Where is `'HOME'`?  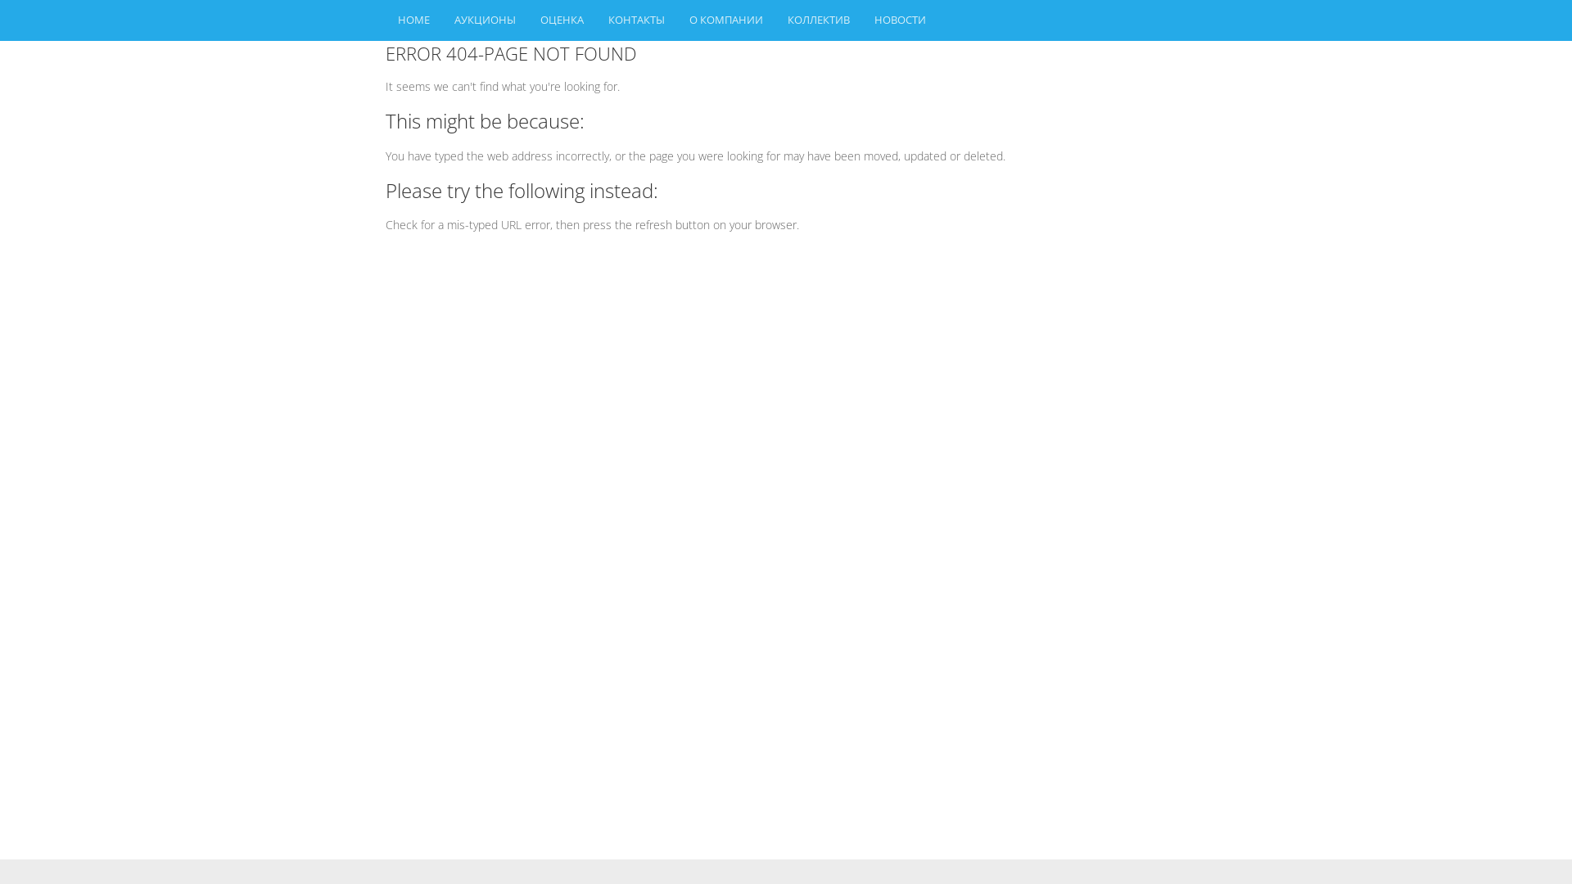
'HOME' is located at coordinates (413, 20).